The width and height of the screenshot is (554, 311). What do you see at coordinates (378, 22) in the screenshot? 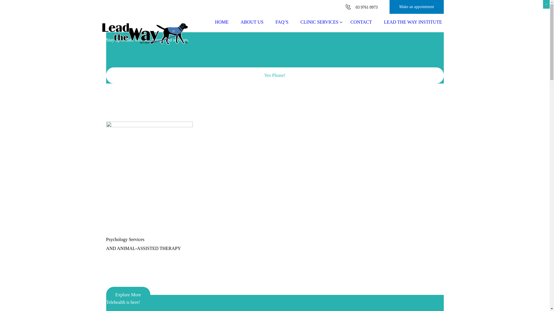
I see `'LEAD THE WAY INSTITUTE'` at bounding box center [378, 22].